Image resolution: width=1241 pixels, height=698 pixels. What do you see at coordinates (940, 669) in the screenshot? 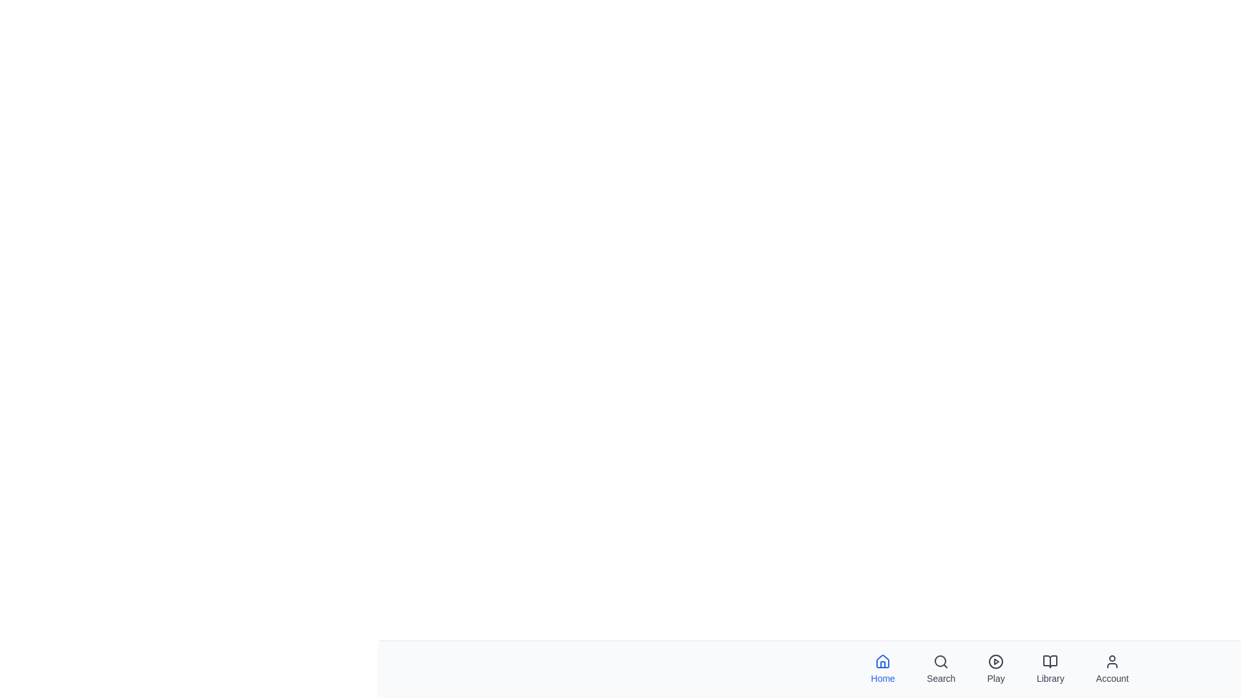
I see `the Search tab to observe its visual feedback` at bounding box center [940, 669].